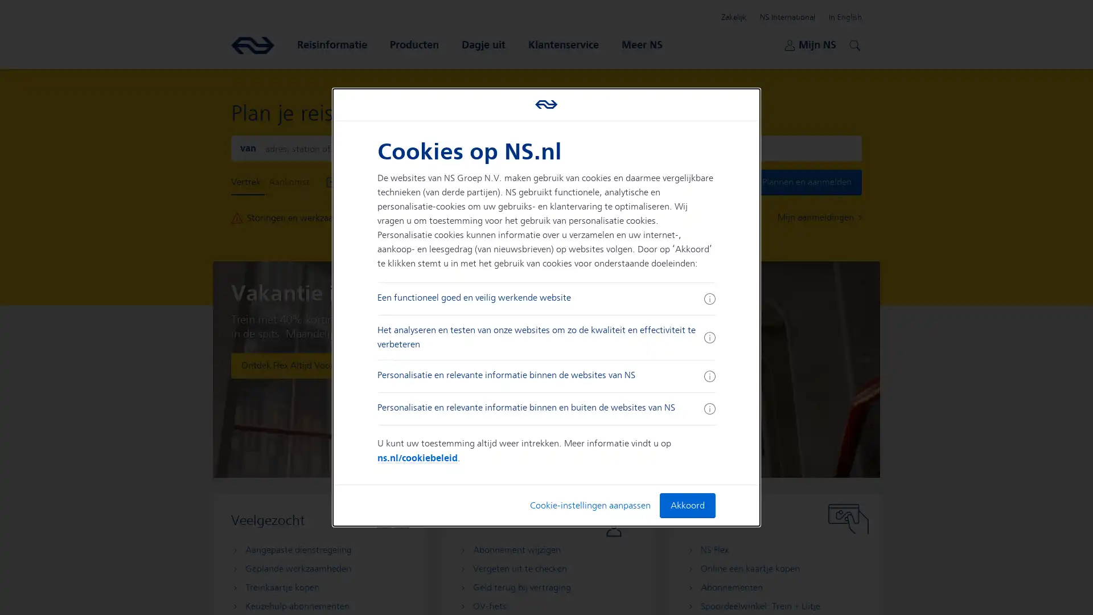  Describe the element at coordinates (563, 44) in the screenshot. I see `Klantenservice Open submenu` at that location.